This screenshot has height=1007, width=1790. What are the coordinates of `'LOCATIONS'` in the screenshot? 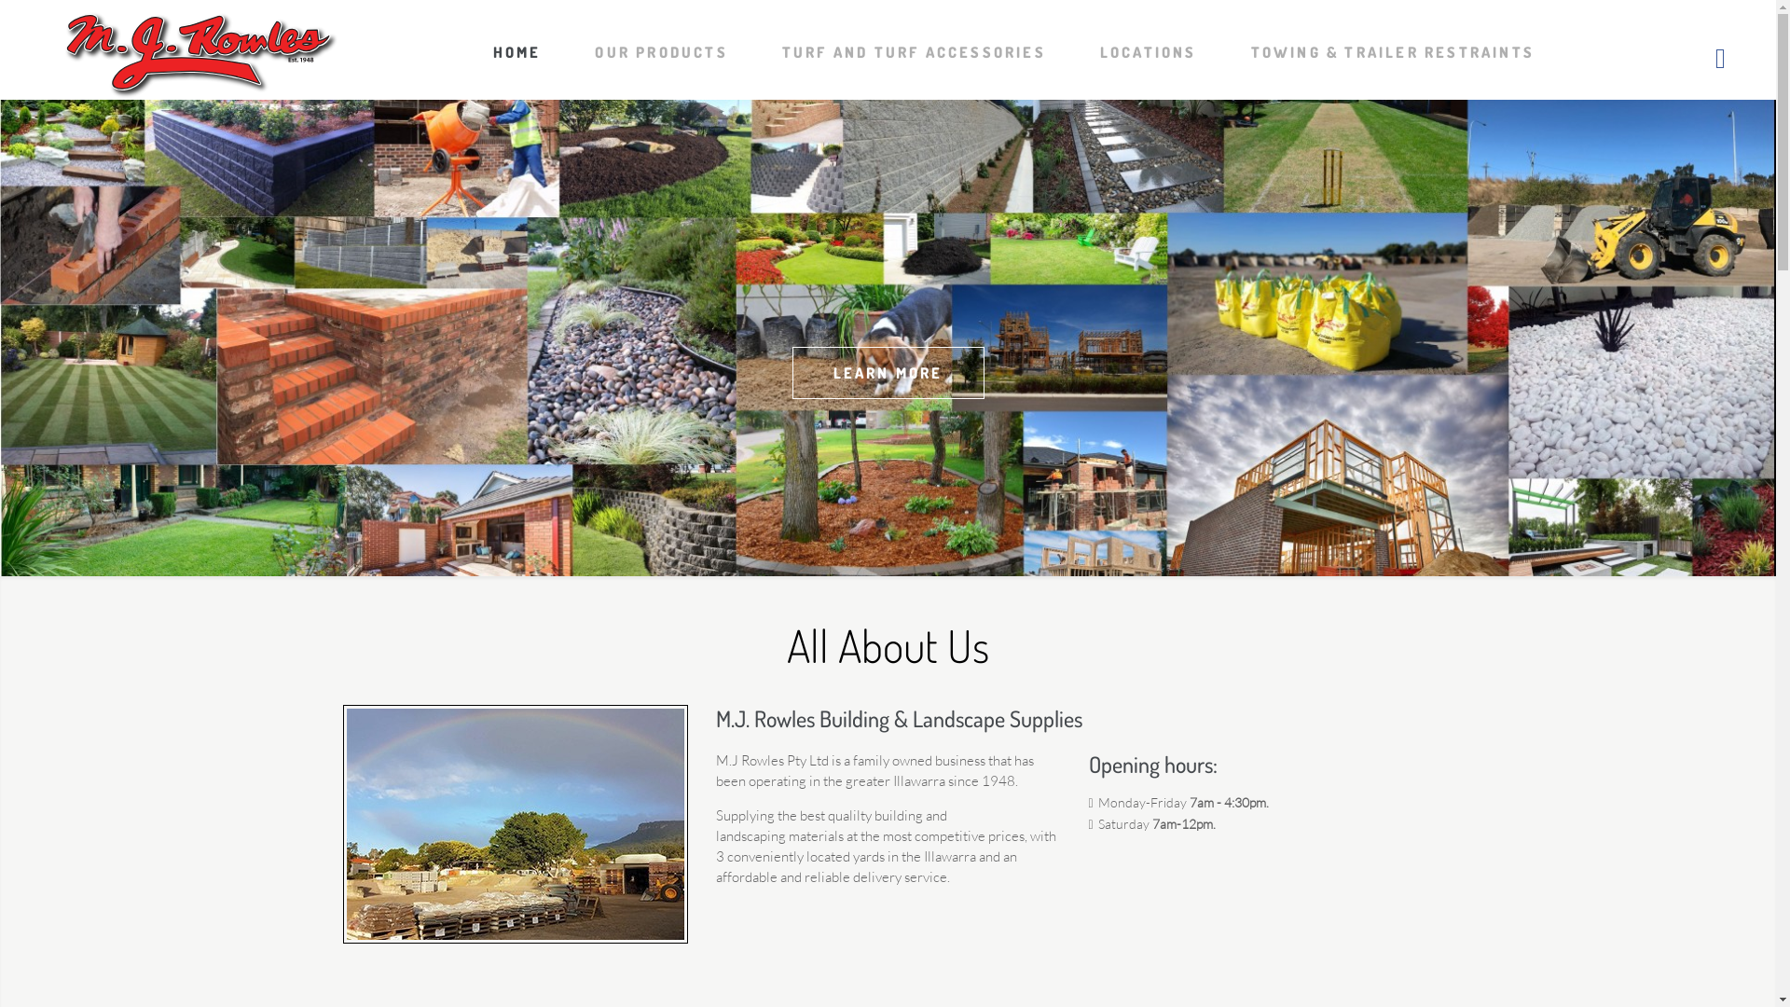 It's located at (1148, 48).